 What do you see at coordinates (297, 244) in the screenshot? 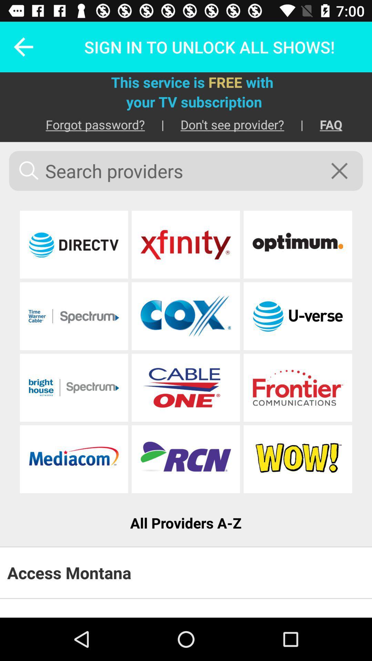
I see `optimum` at bounding box center [297, 244].